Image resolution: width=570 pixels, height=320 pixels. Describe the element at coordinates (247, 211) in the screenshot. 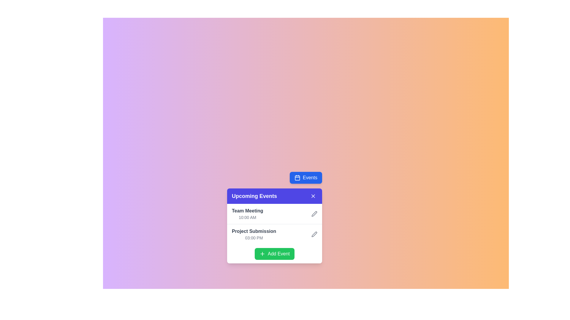

I see `the 'Team Meeting' text label located in the 'Upcoming Events' list, positioned above the time '10:00 AM.'` at that location.